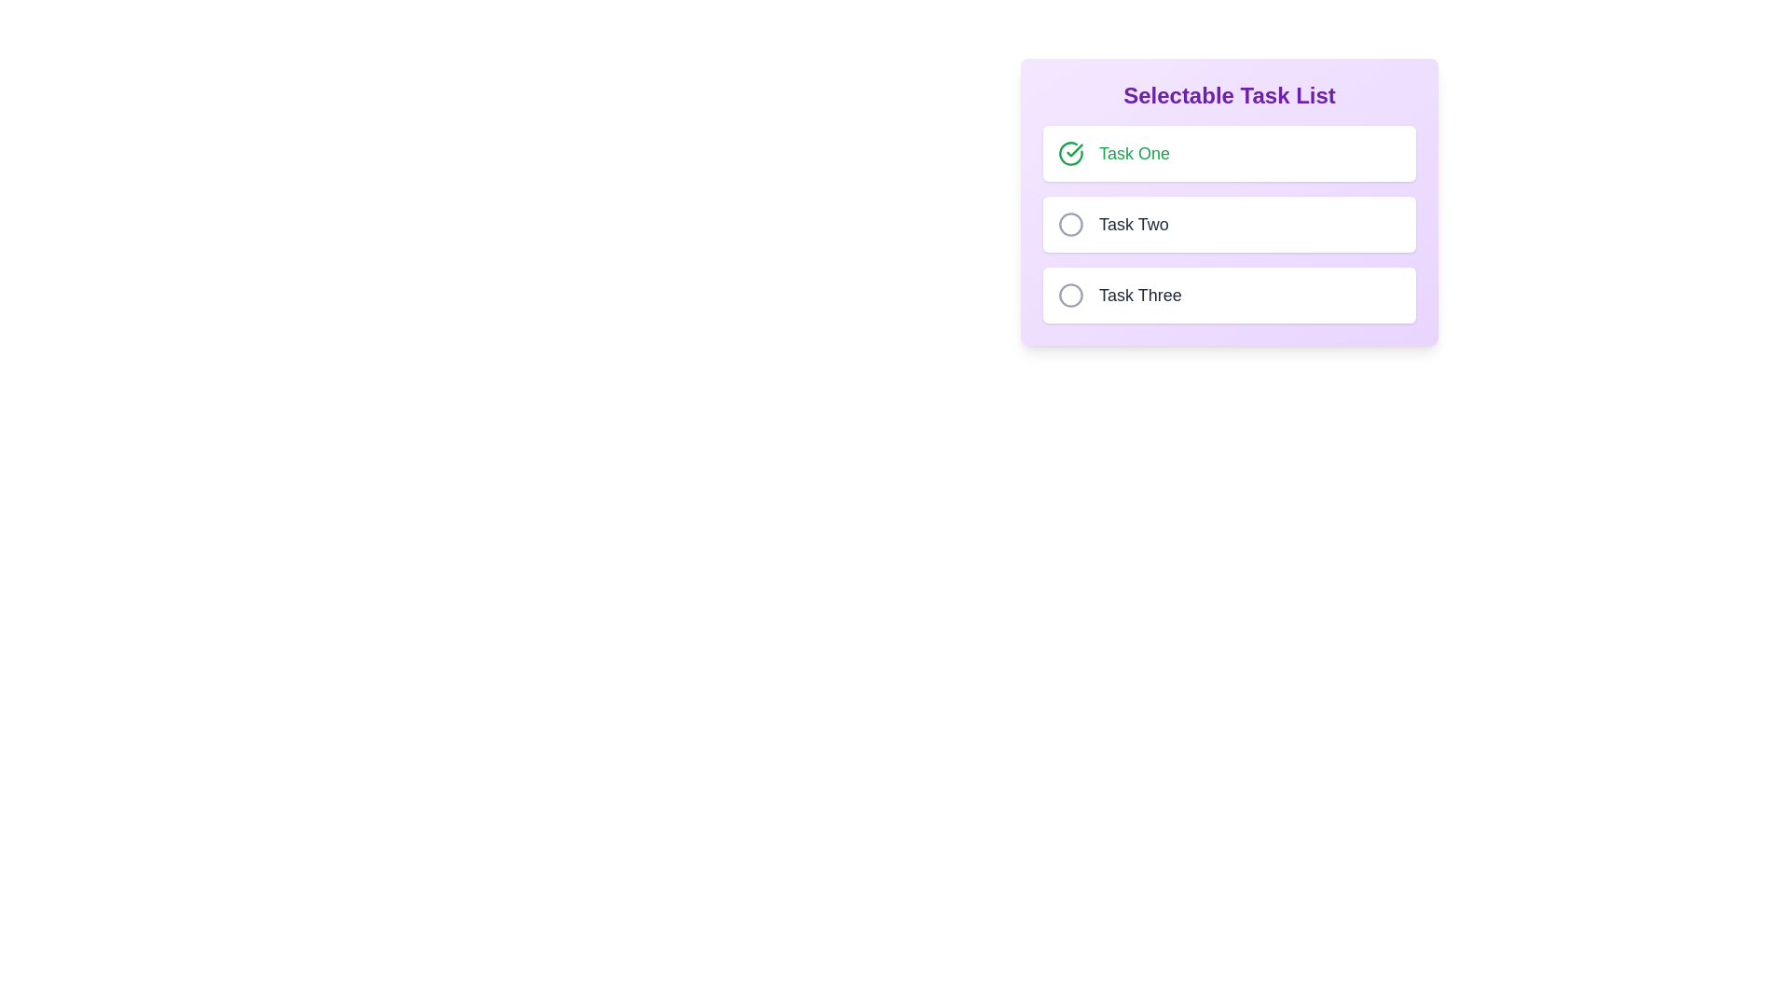  What do you see at coordinates (1230, 201) in the screenshot?
I see `the second list item in the 'Selectable Task List'` at bounding box center [1230, 201].